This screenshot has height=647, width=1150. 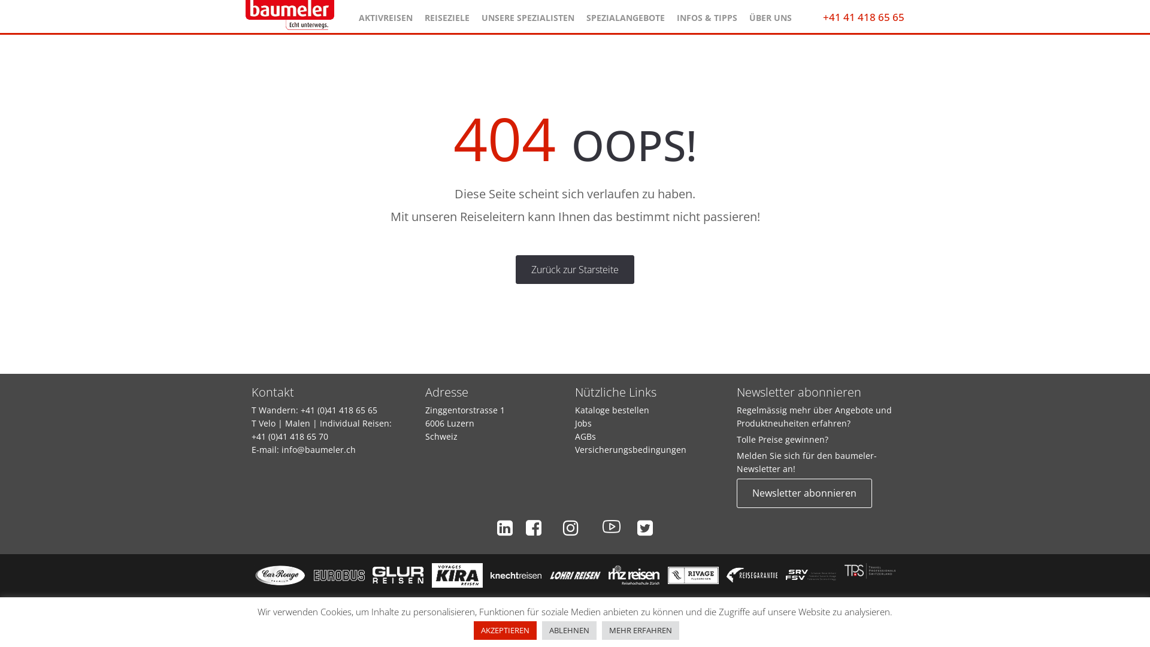 I want to click on 'MEHR ERFAHREN', so click(x=601, y=630).